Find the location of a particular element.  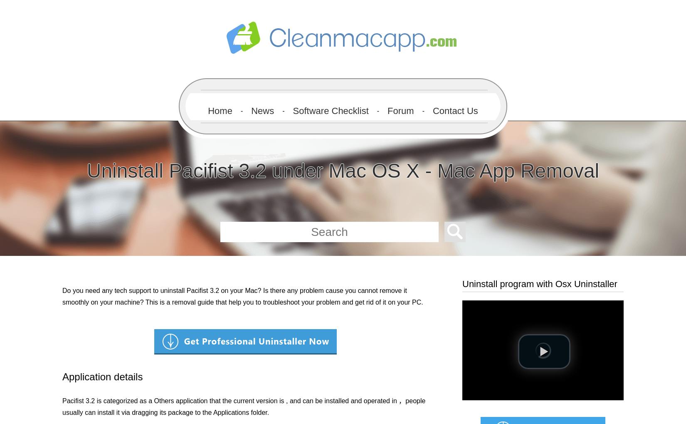

'Uninstall Pacifist 3.2  under Mac OS X - Mac App Removal' is located at coordinates (86, 170).